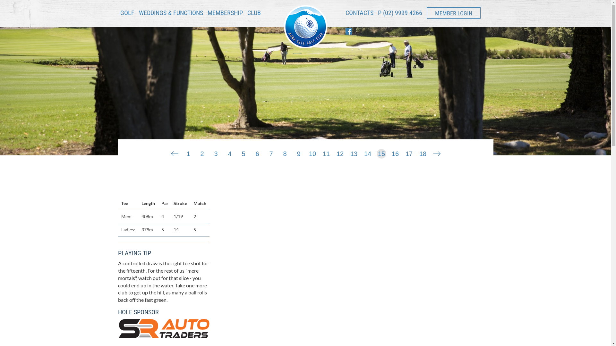 The image size is (616, 346). I want to click on '17', so click(409, 152).